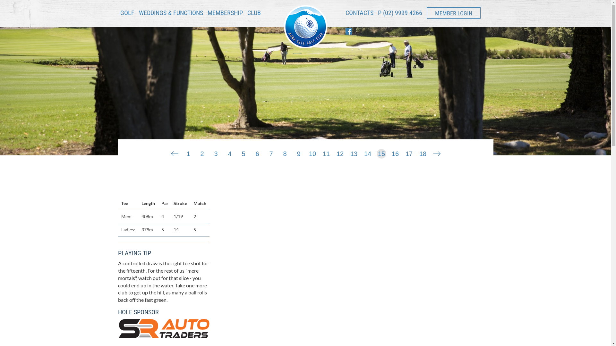 The image size is (616, 346). I want to click on '17', so click(409, 152).